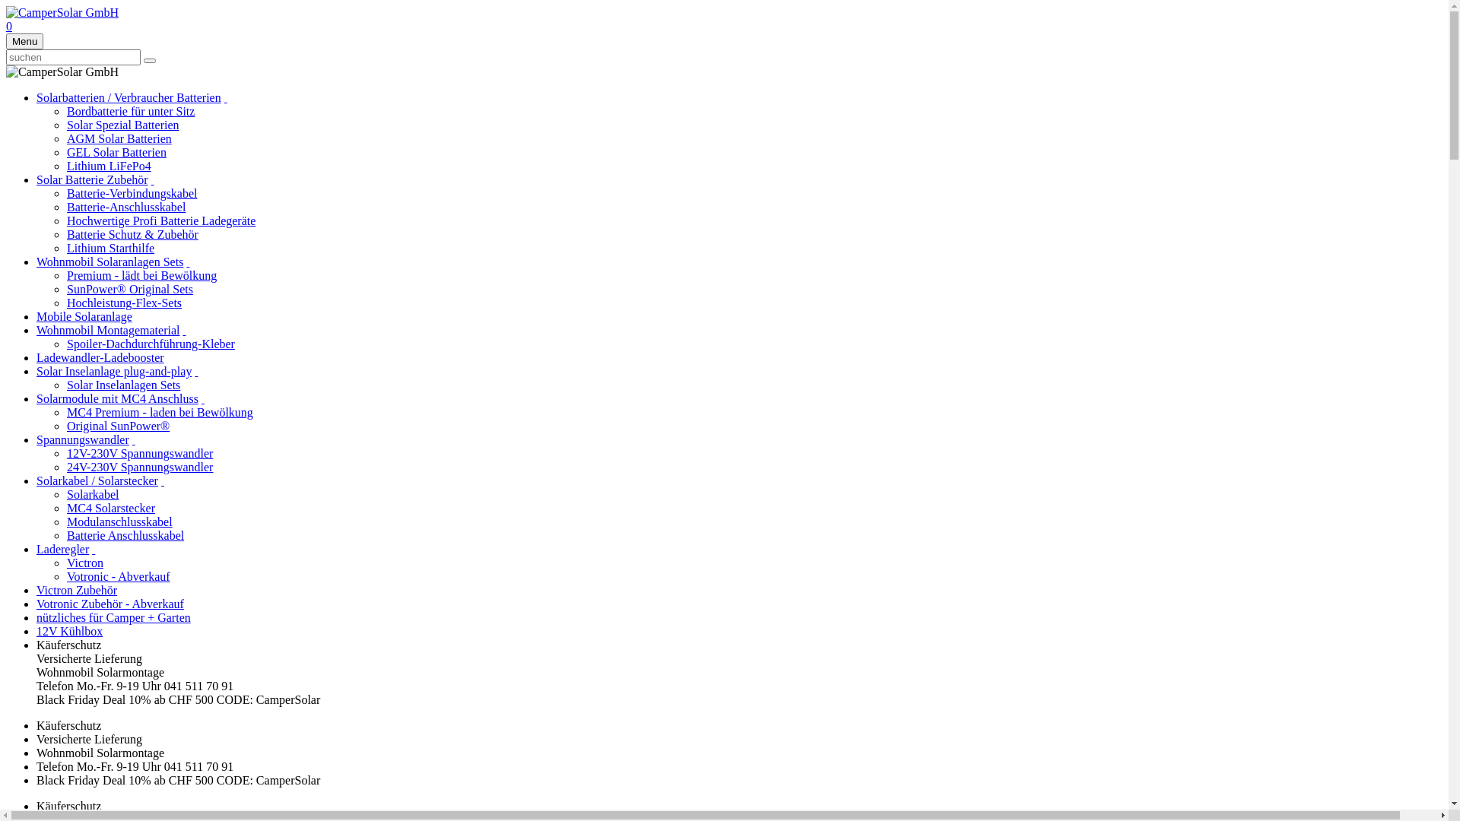 Image resolution: width=1460 pixels, height=821 pixels. I want to click on 'Telefon Mo.-Fr. 9-19 Uhr 041 511 70 91', so click(135, 766).